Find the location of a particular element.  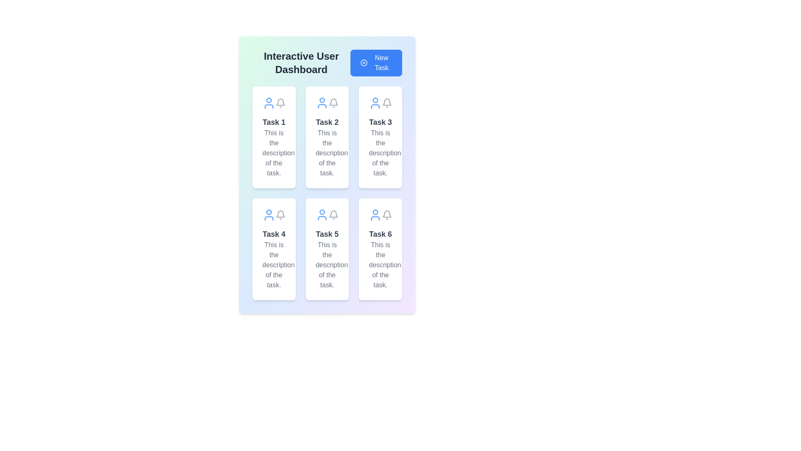

the button located to the right of the 'Interactive User Dashboard' text to initiate task creation is located at coordinates (376, 62).